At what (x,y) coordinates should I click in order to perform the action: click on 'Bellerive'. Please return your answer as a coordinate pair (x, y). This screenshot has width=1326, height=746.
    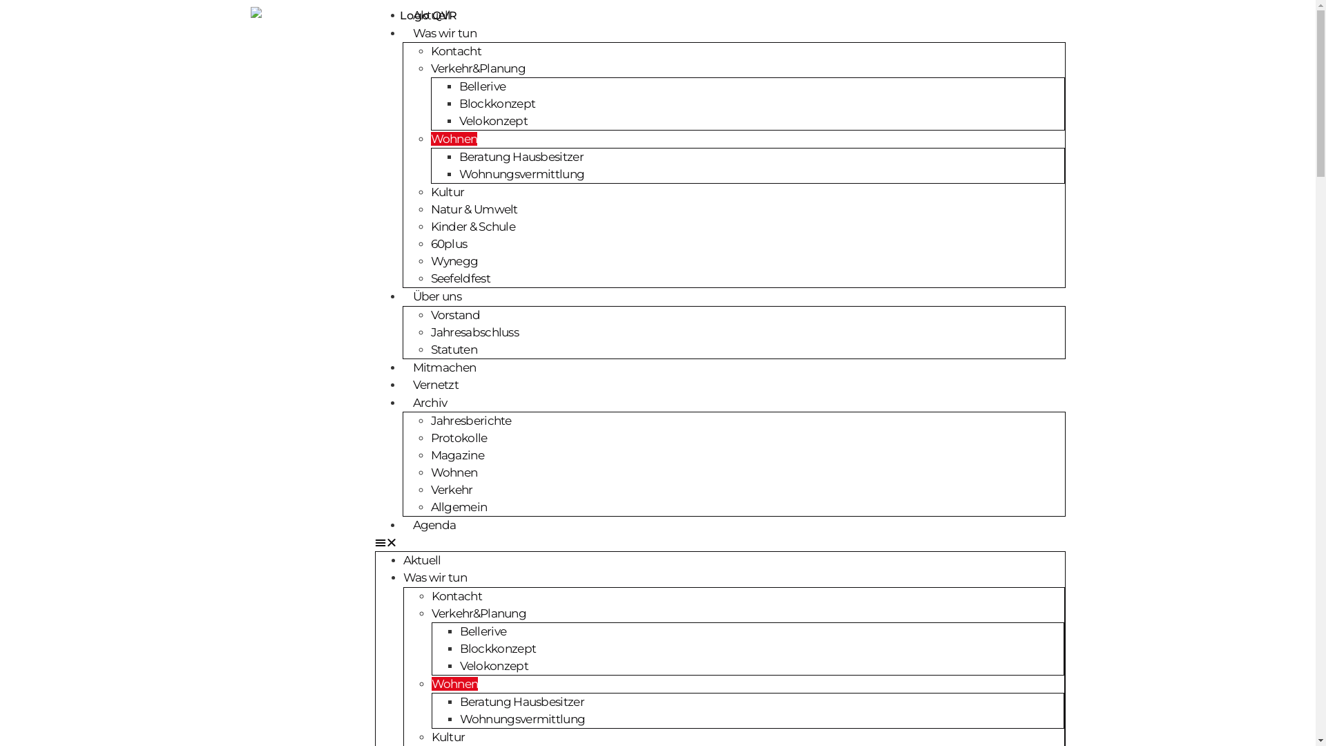
    Looking at the image, I should click on (458, 86).